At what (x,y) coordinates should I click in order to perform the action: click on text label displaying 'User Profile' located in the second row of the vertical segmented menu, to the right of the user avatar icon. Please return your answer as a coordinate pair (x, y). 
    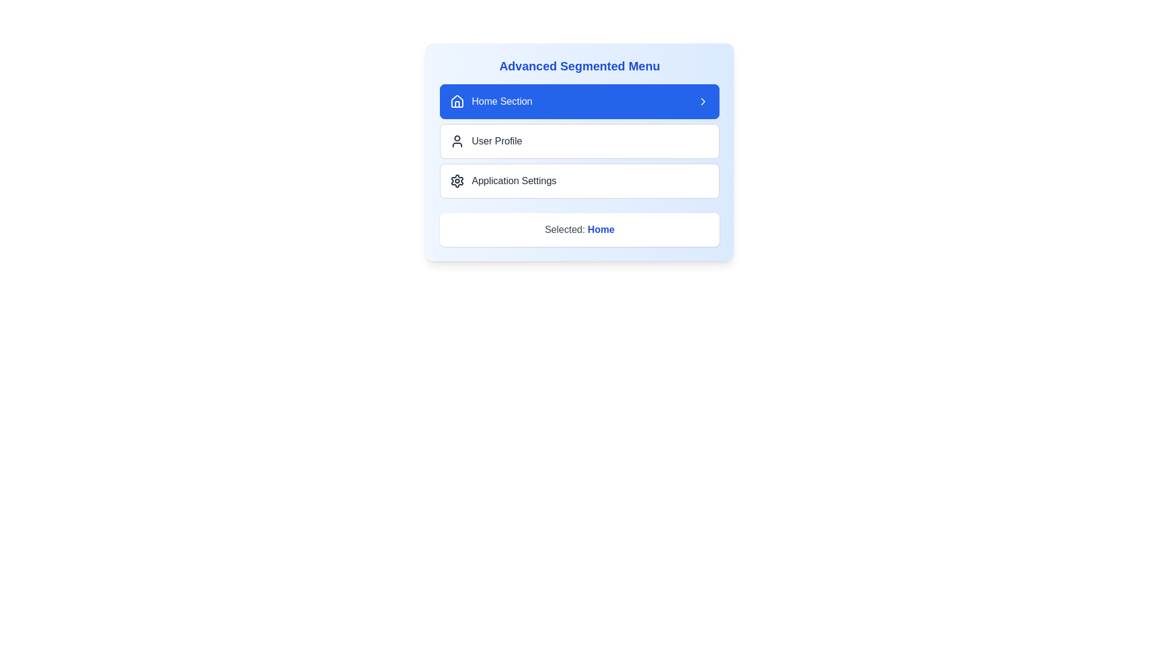
    Looking at the image, I should click on (497, 141).